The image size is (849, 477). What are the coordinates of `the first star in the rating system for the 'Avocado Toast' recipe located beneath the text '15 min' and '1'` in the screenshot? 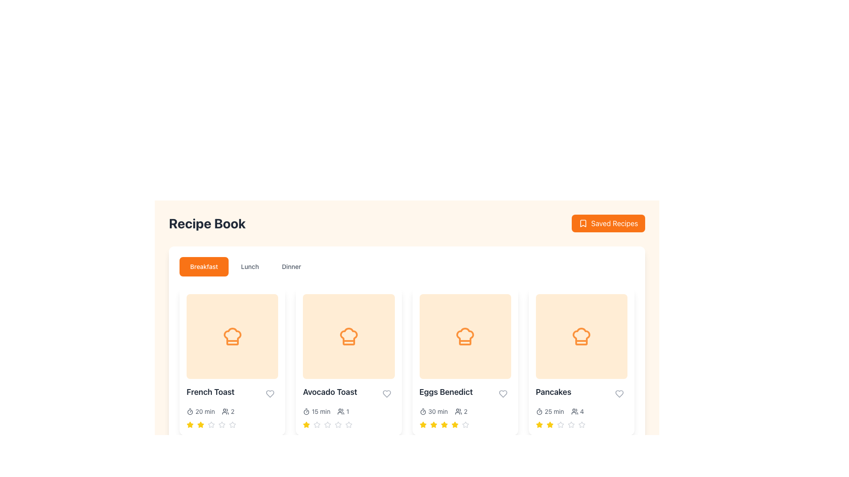 It's located at (317, 424).